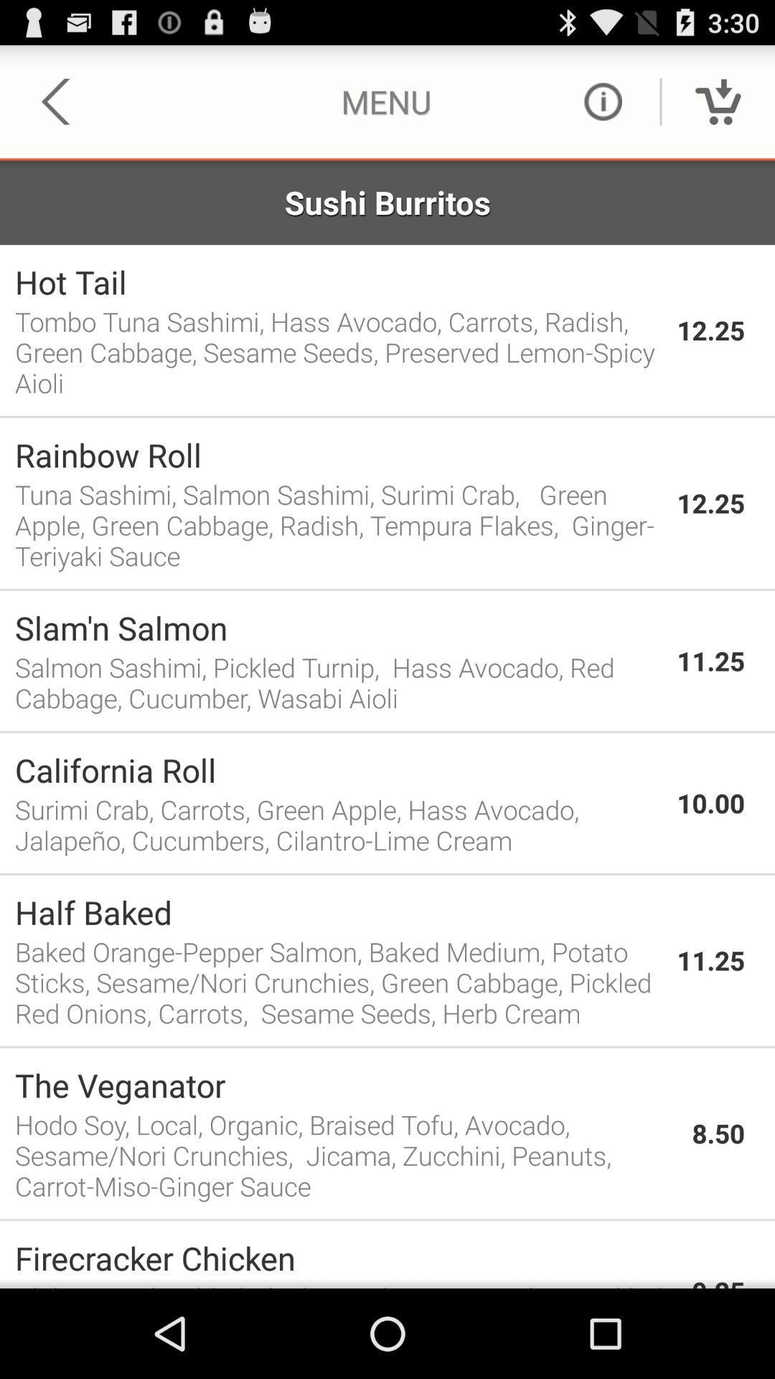 This screenshot has height=1379, width=775. Describe the element at coordinates (346, 1155) in the screenshot. I see `the app to the left of 8.50 icon` at that location.